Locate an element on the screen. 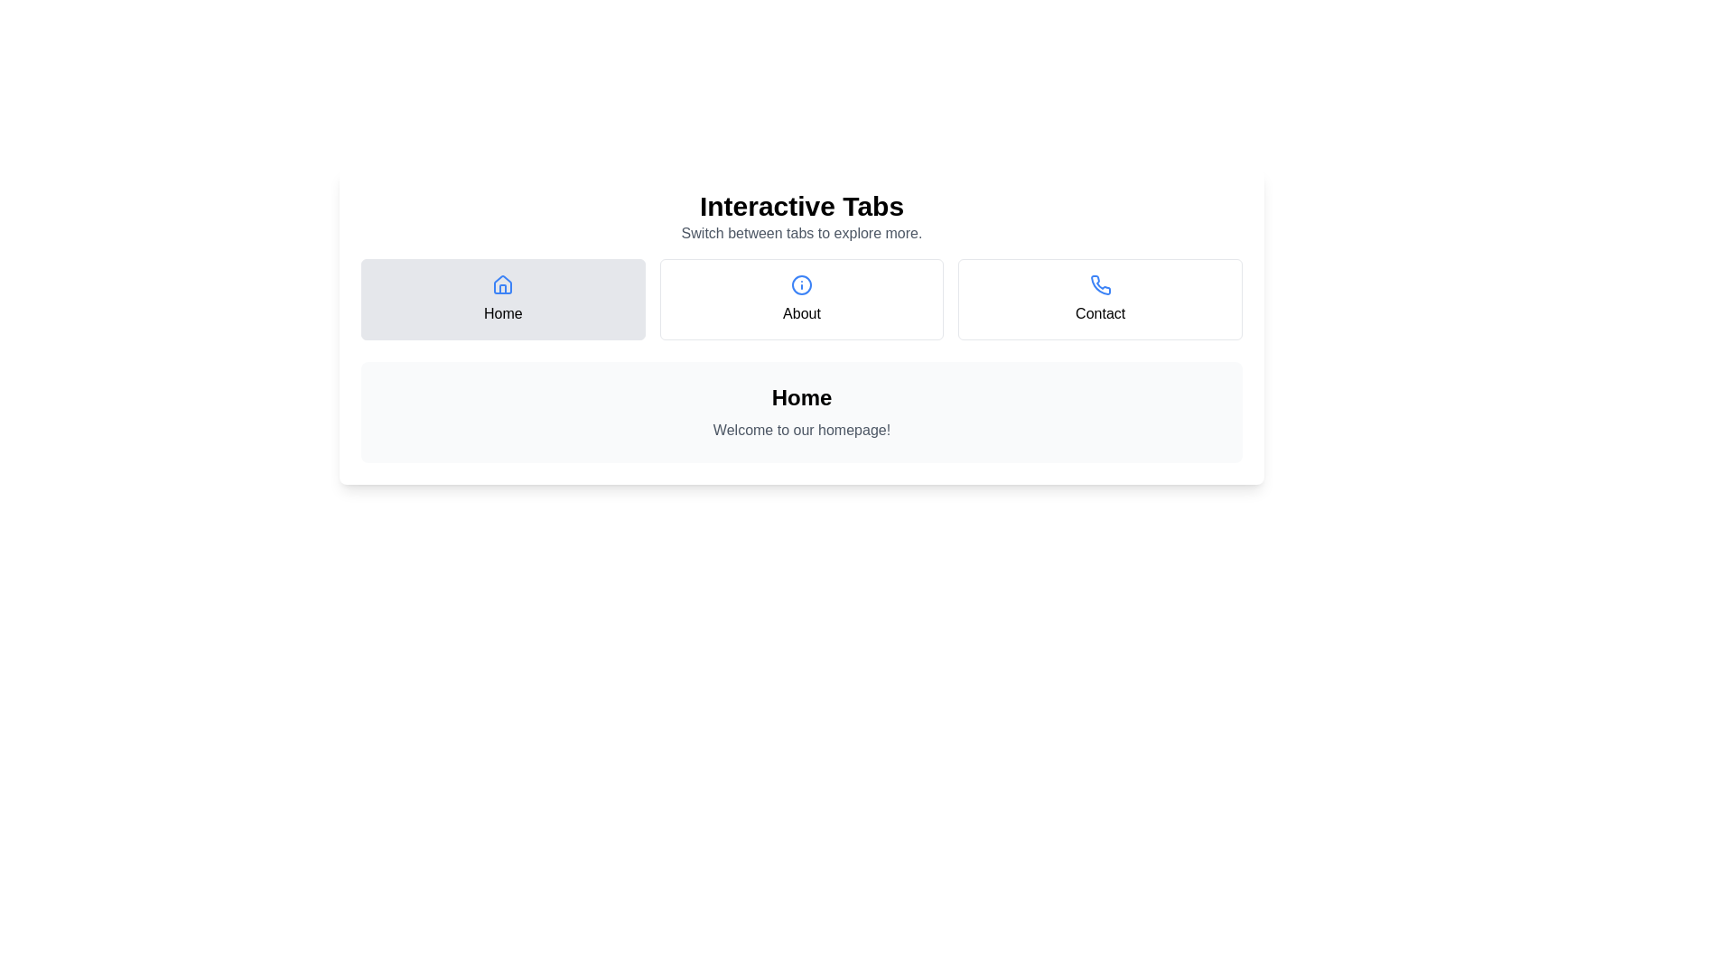  the Contact tab to observe its visual feedback is located at coordinates (1099, 298).